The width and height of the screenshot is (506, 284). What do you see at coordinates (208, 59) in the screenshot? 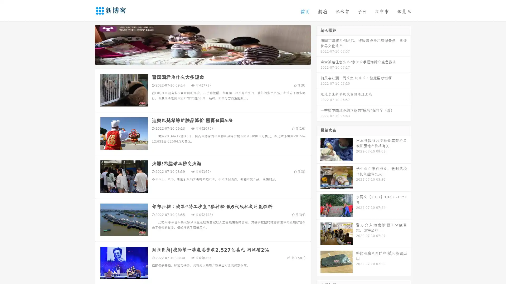
I see `Go to slide 3` at bounding box center [208, 59].